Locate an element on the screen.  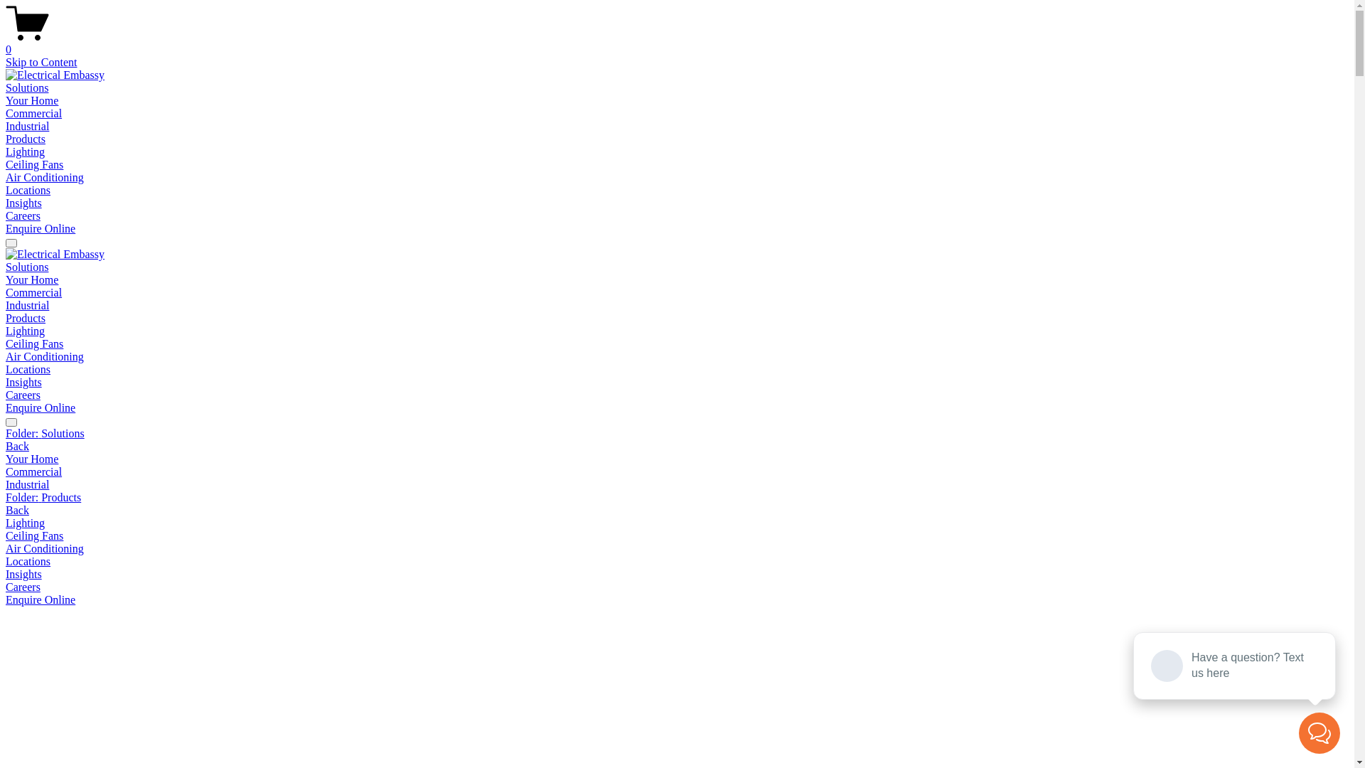
'Ceiling Fans' is located at coordinates (34, 164).